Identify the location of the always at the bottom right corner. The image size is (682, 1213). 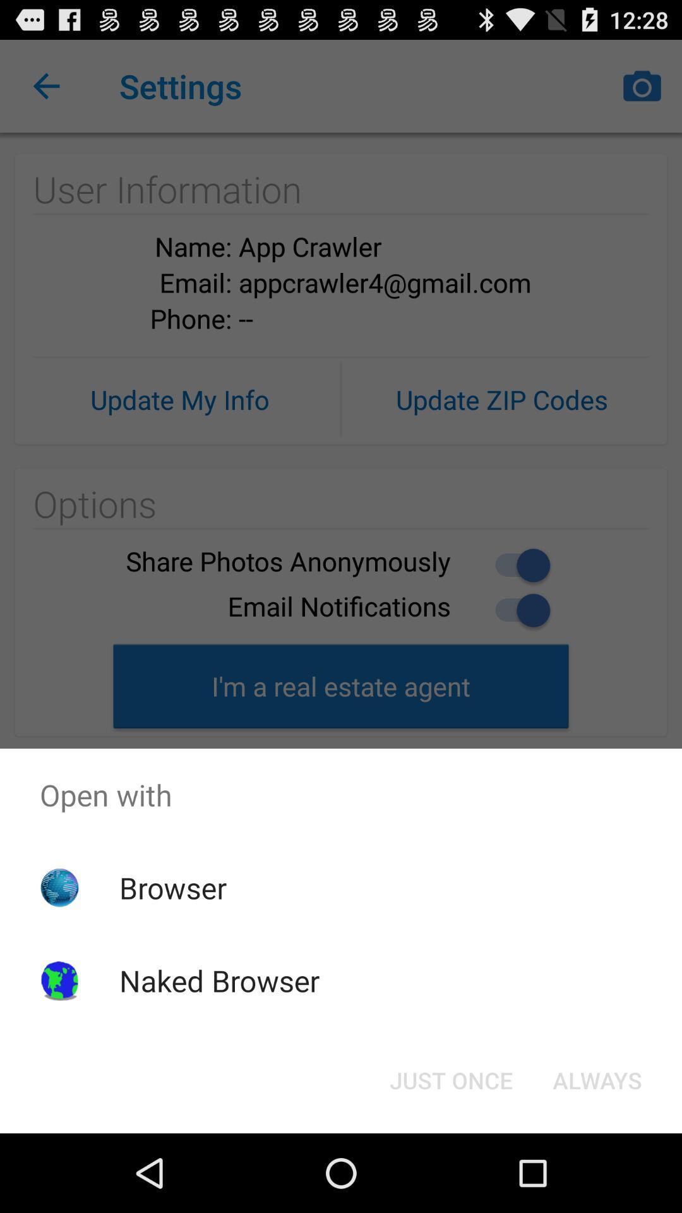
(597, 1079).